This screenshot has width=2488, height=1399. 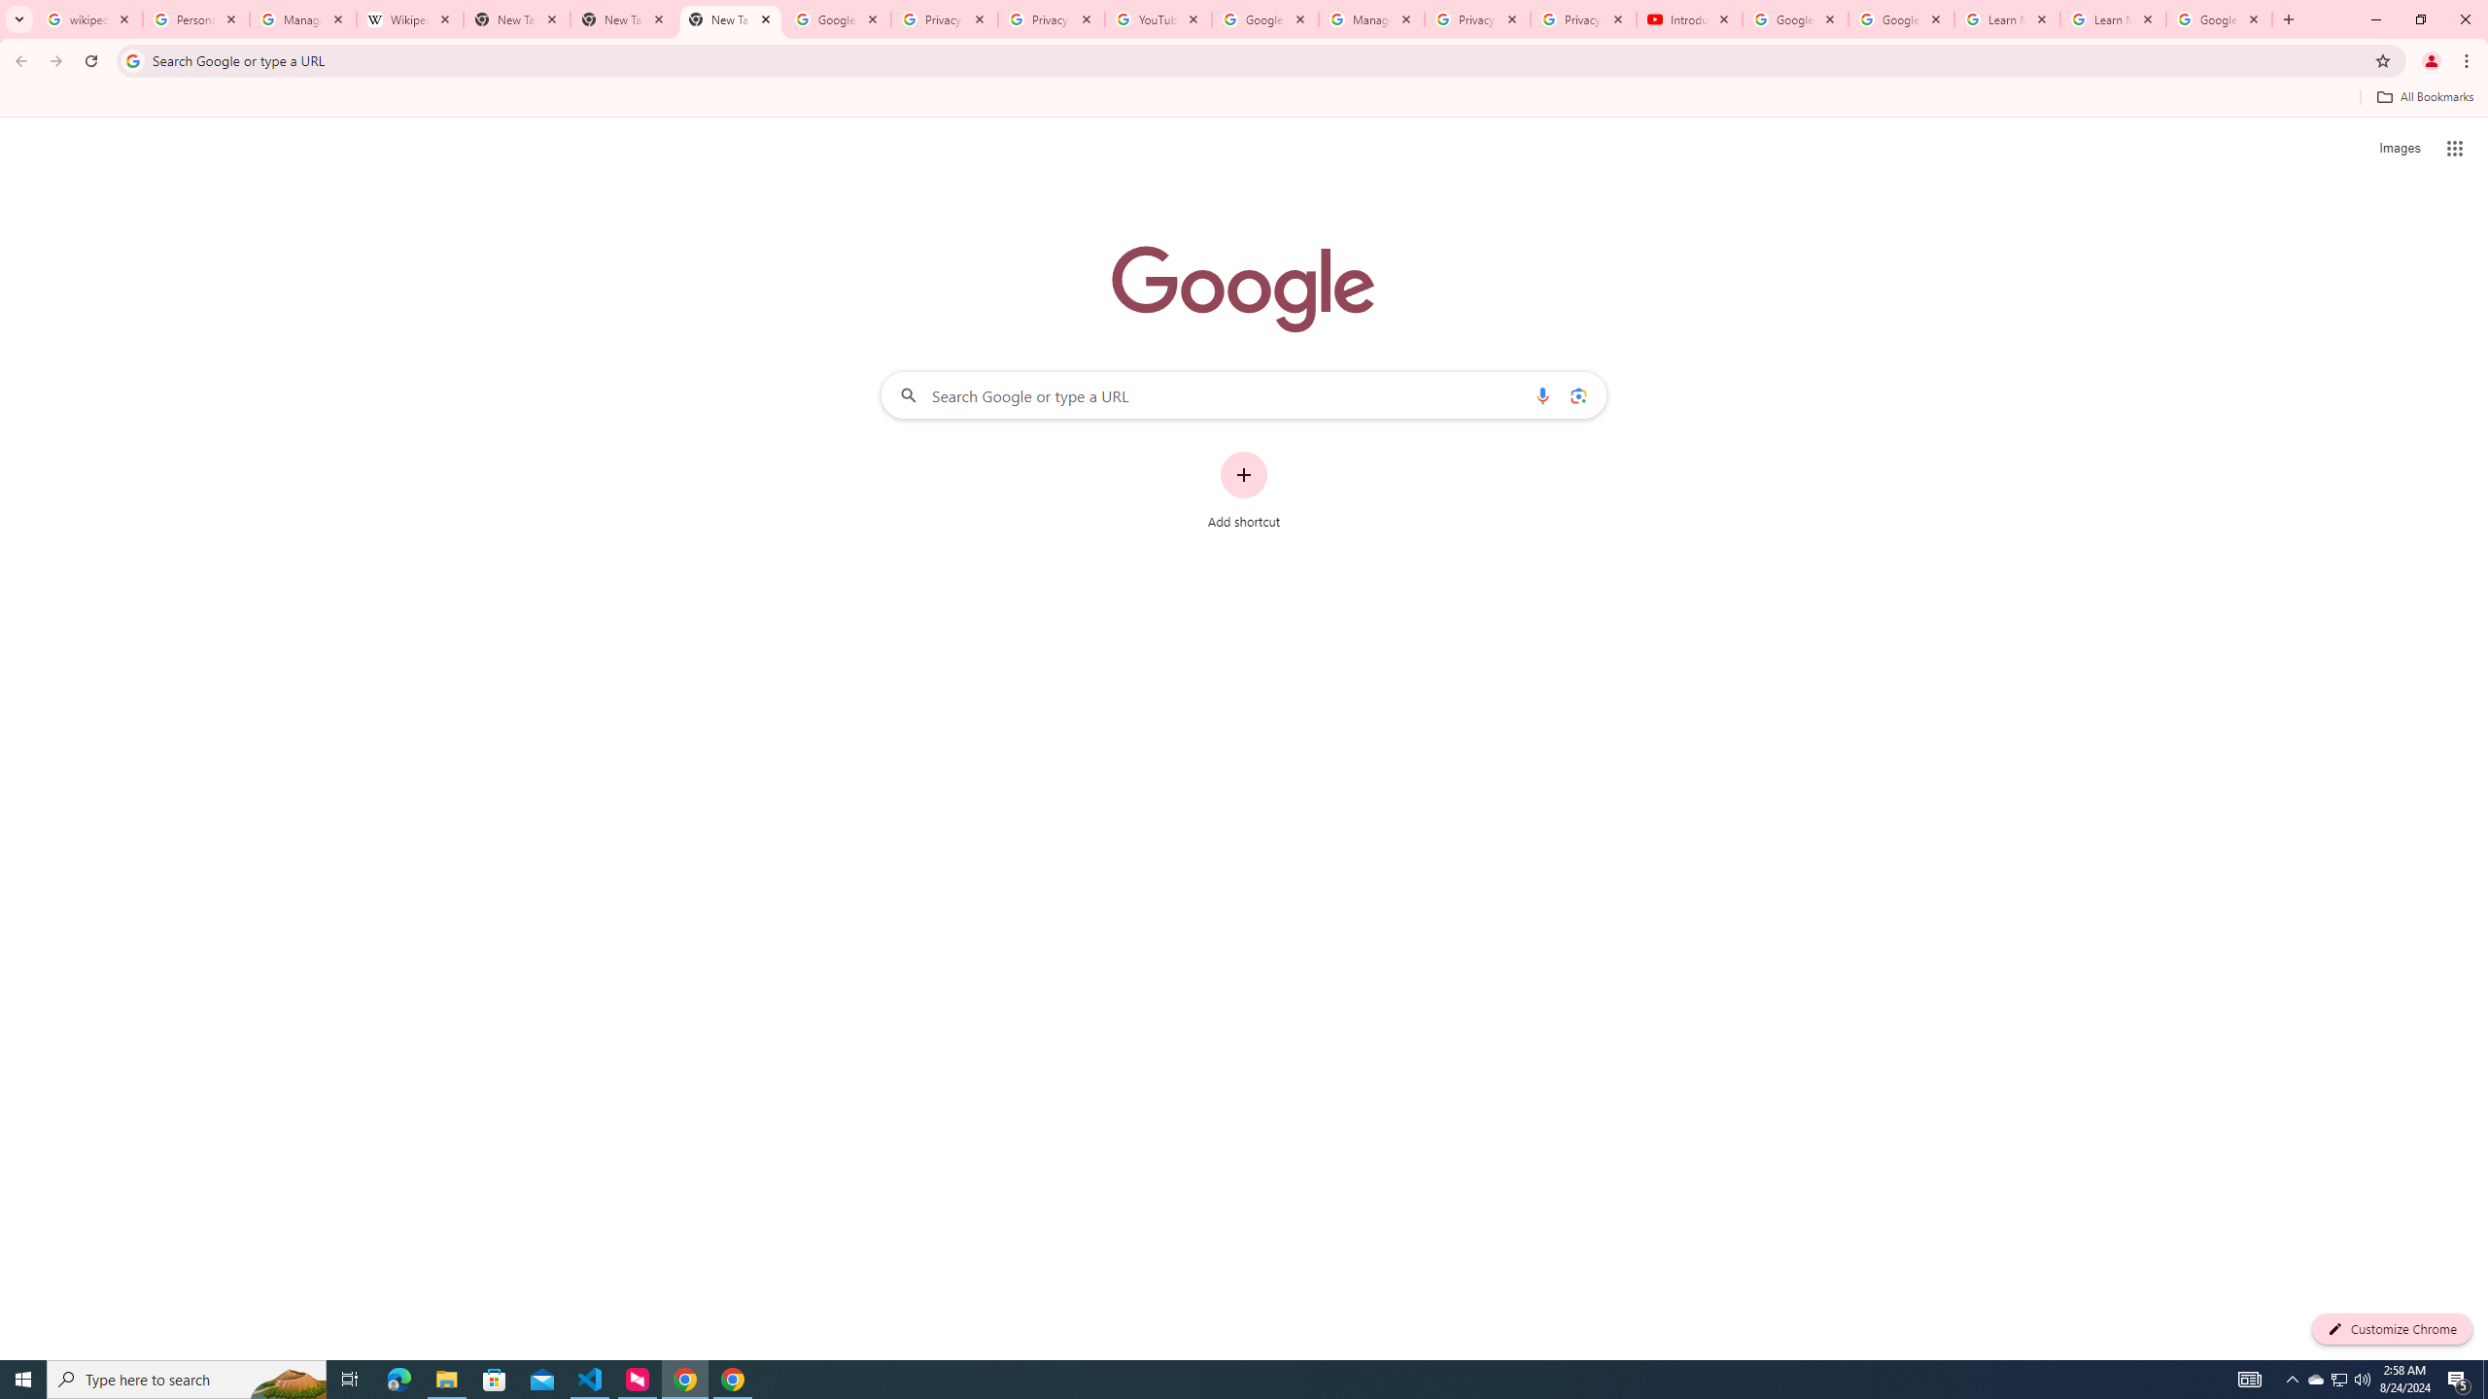 I want to click on 'New Tab', so click(x=730, y=18).